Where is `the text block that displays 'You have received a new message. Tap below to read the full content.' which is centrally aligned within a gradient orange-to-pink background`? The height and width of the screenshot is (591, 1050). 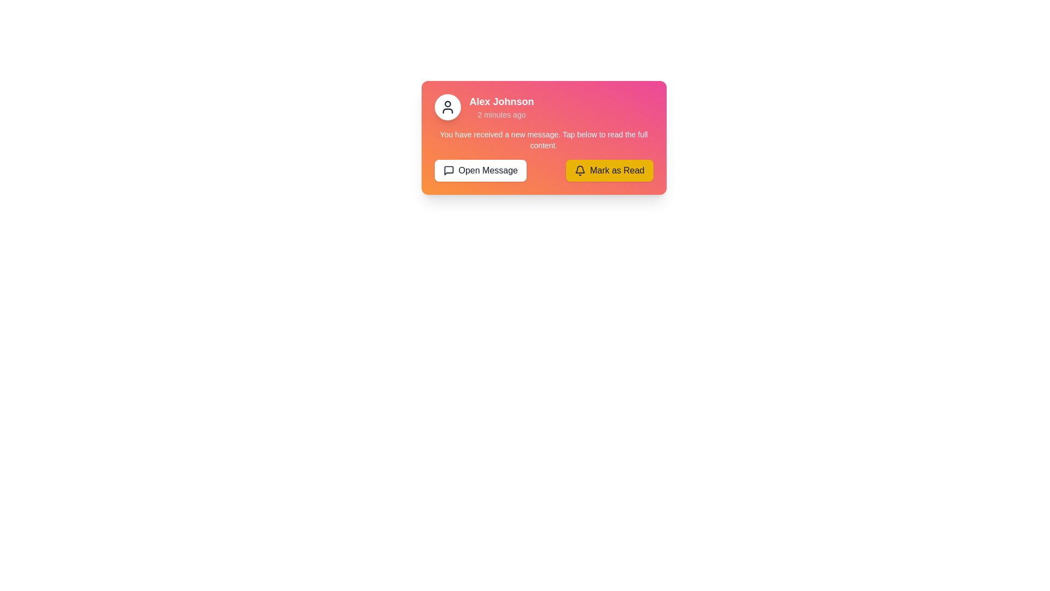
the text block that displays 'You have received a new message. Tap below to read the full content.' which is centrally aligned within a gradient orange-to-pink background is located at coordinates (544, 139).